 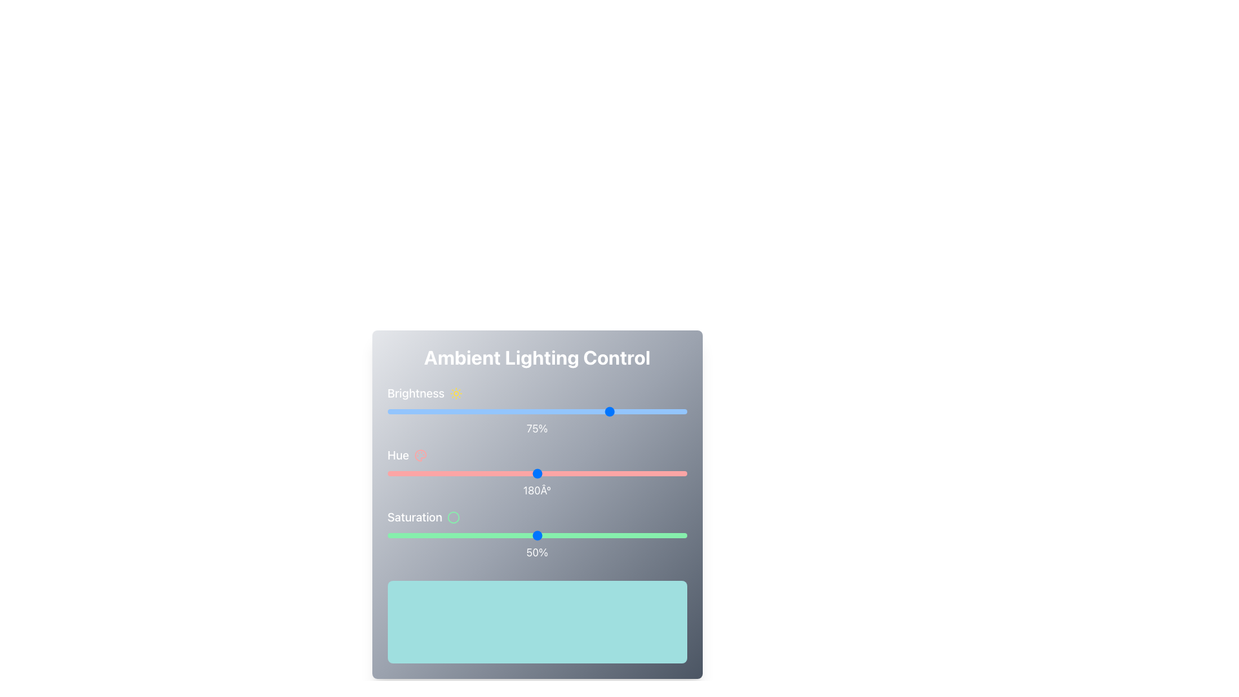 What do you see at coordinates (596, 535) in the screenshot?
I see `saturation` at bounding box center [596, 535].